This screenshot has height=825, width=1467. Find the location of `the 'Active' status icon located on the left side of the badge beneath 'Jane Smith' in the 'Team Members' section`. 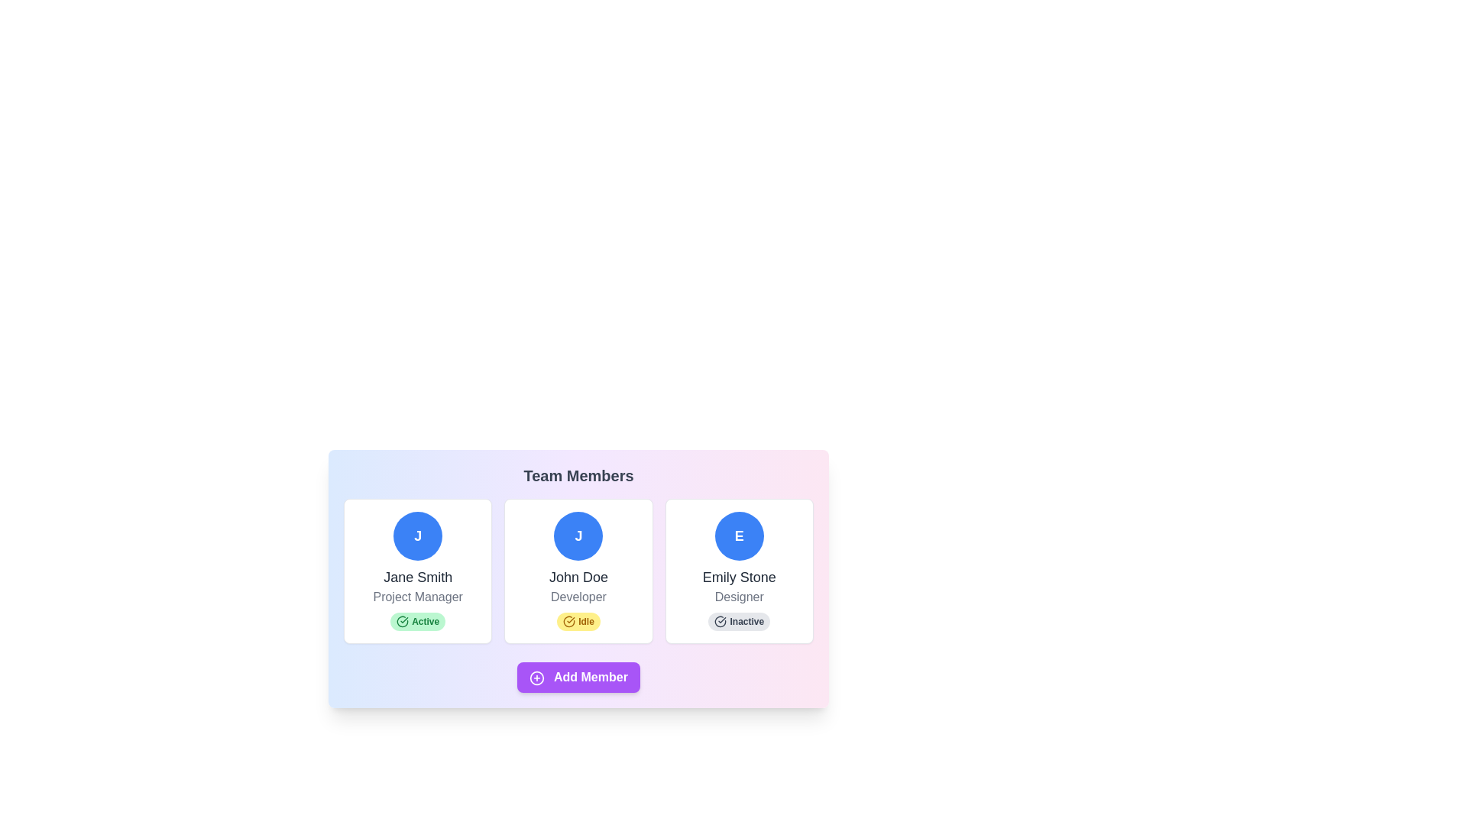

the 'Active' status icon located on the left side of the badge beneath 'Jane Smith' in the 'Team Members' section is located at coordinates (403, 621).